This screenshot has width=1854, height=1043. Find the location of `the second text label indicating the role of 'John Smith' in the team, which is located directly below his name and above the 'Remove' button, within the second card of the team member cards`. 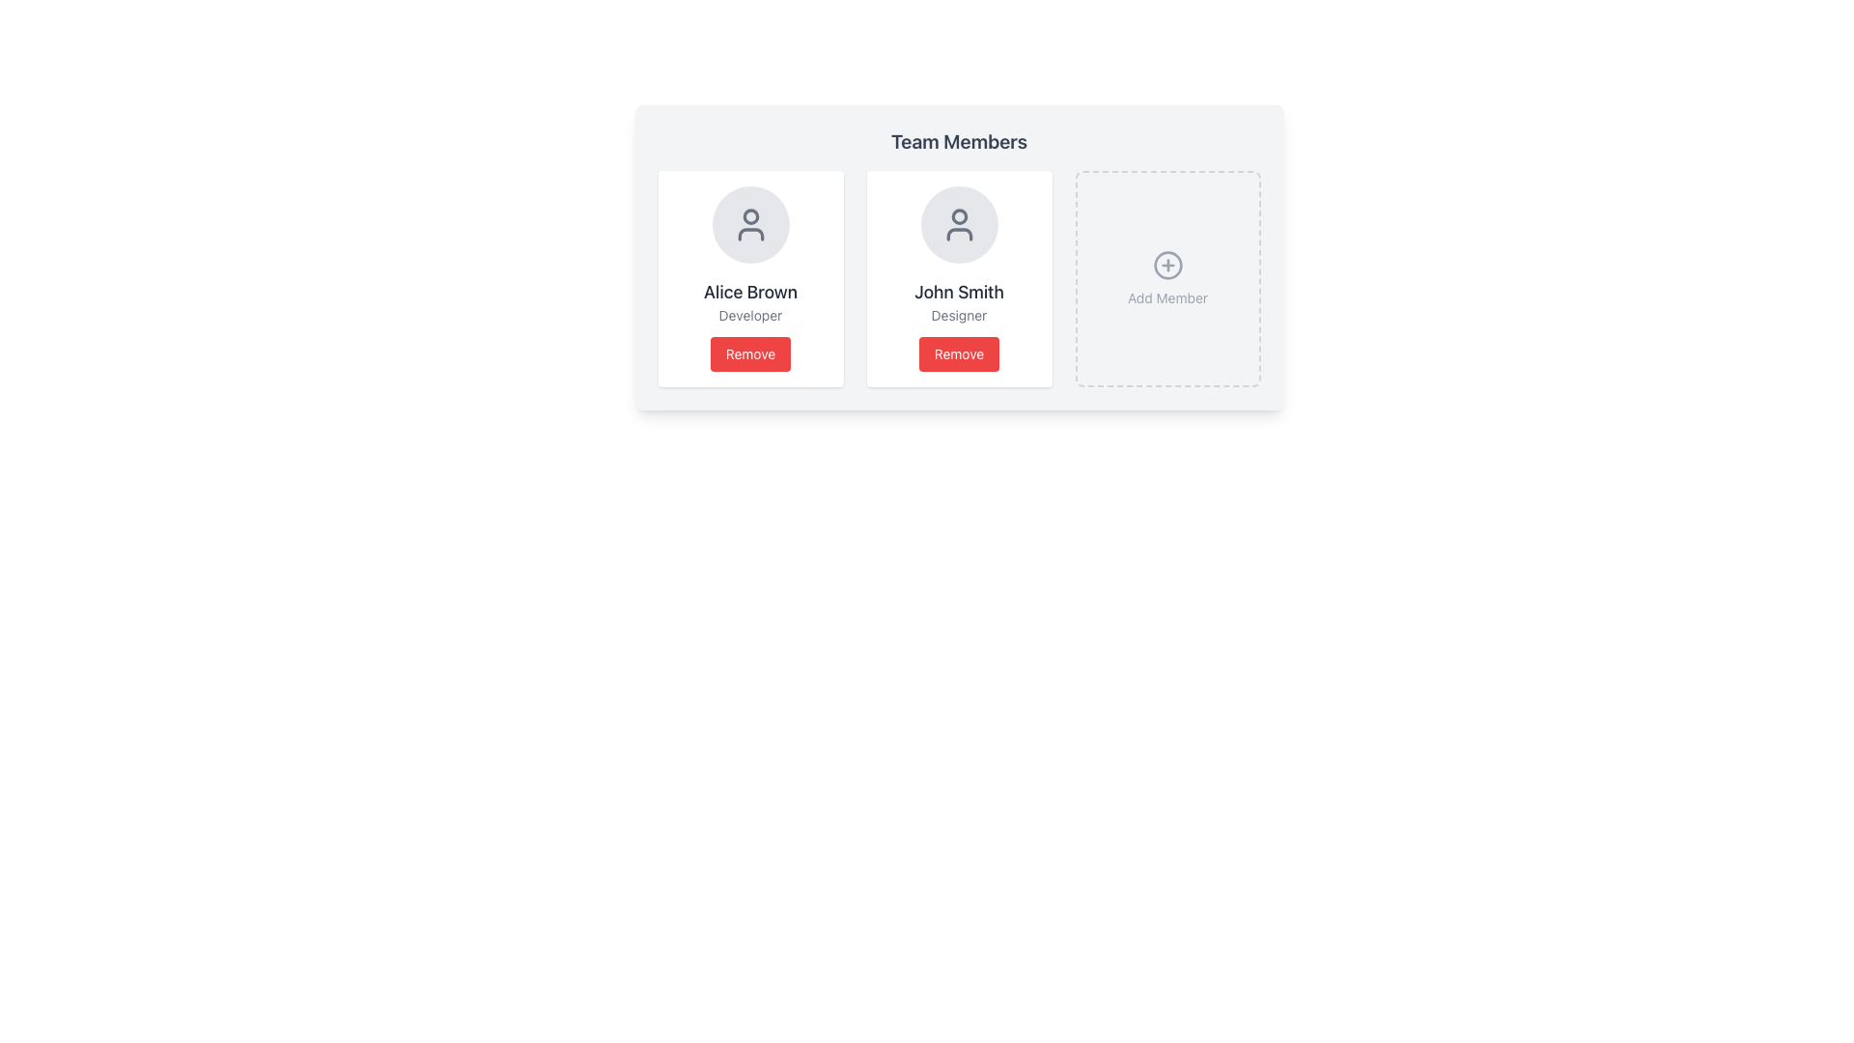

the second text label indicating the role of 'John Smith' in the team, which is located directly below his name and above the 'Remove' button, within the second card of the team member cards is located at coordinates (959, 315).